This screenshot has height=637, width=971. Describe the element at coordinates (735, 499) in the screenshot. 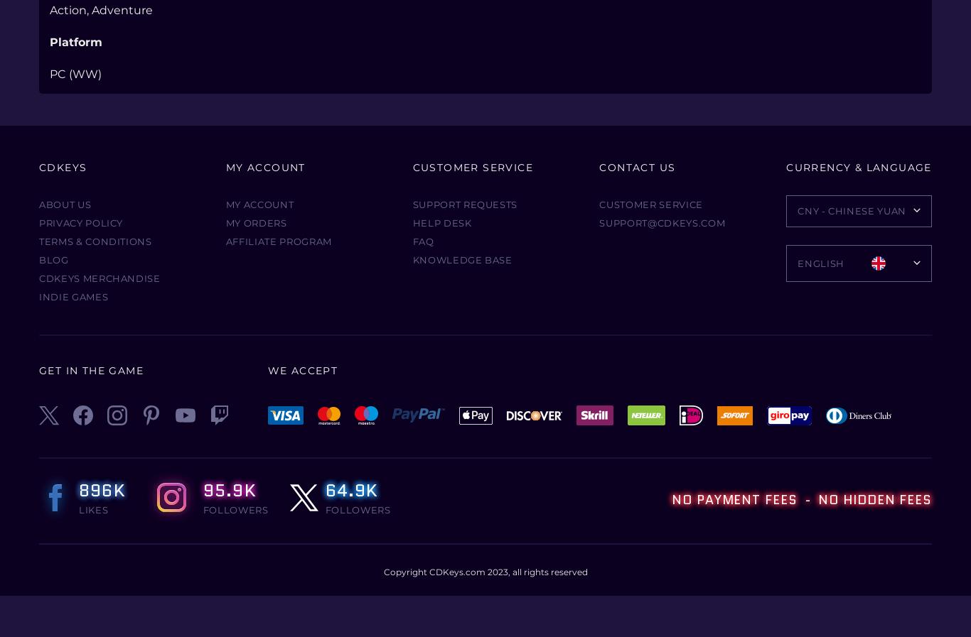

I see `'No Payment Fees'` at that location.